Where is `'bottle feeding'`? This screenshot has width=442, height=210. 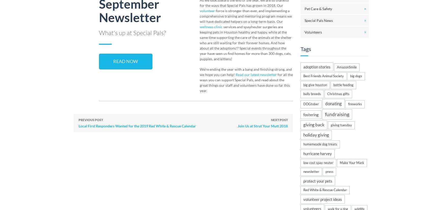
'bottle feeding' is located at coordinates (343, 84).